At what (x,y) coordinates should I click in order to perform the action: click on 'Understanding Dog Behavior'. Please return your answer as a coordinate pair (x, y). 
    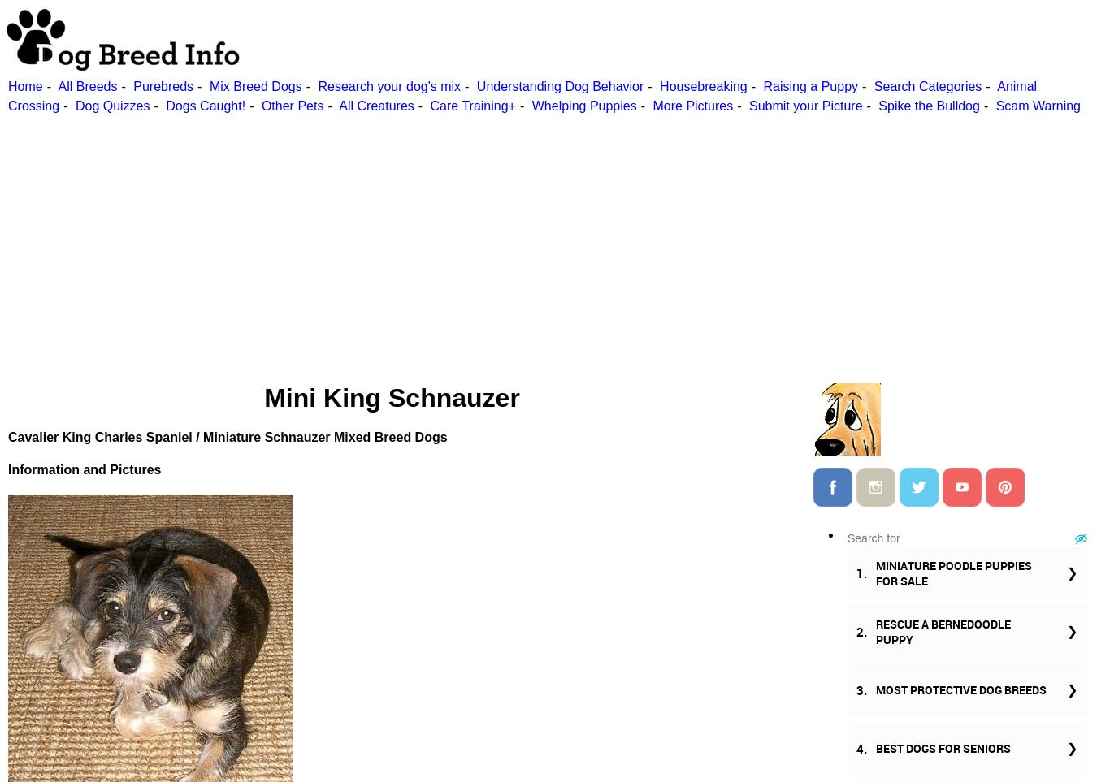
    Looking at the image, I should click on (476, 85).